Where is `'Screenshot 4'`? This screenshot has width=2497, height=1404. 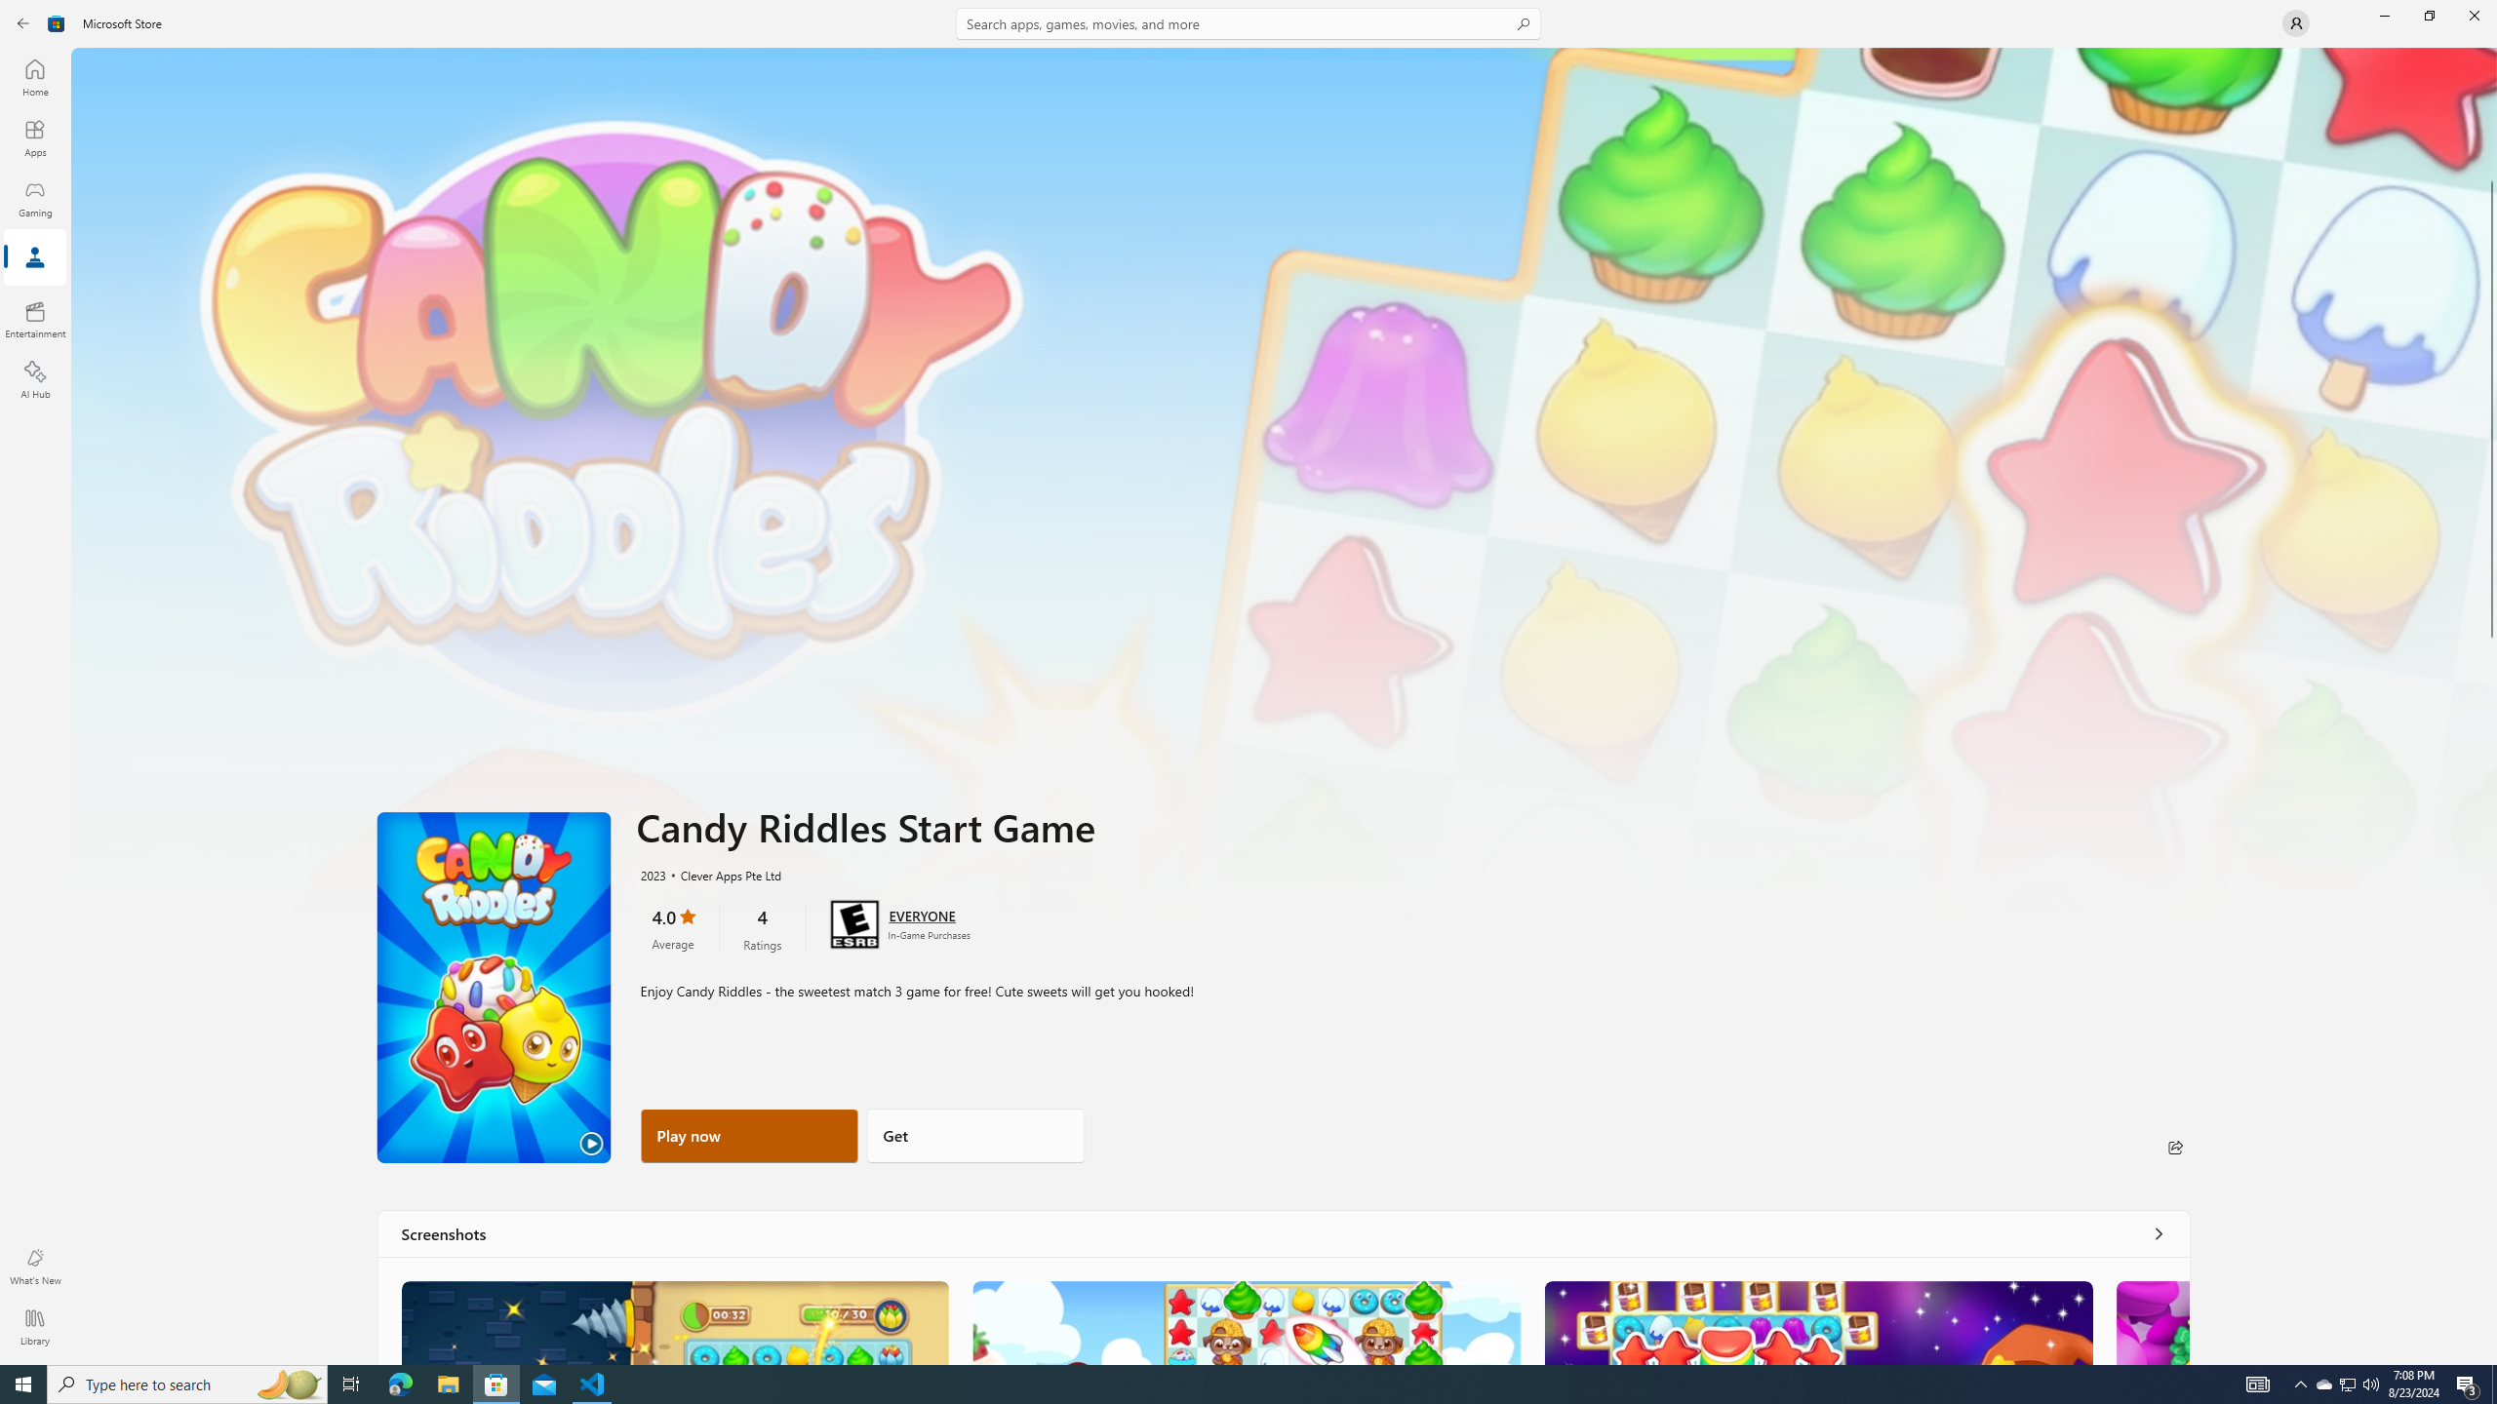 'Screenshot 4' is located at coordinates (2151, 1321).